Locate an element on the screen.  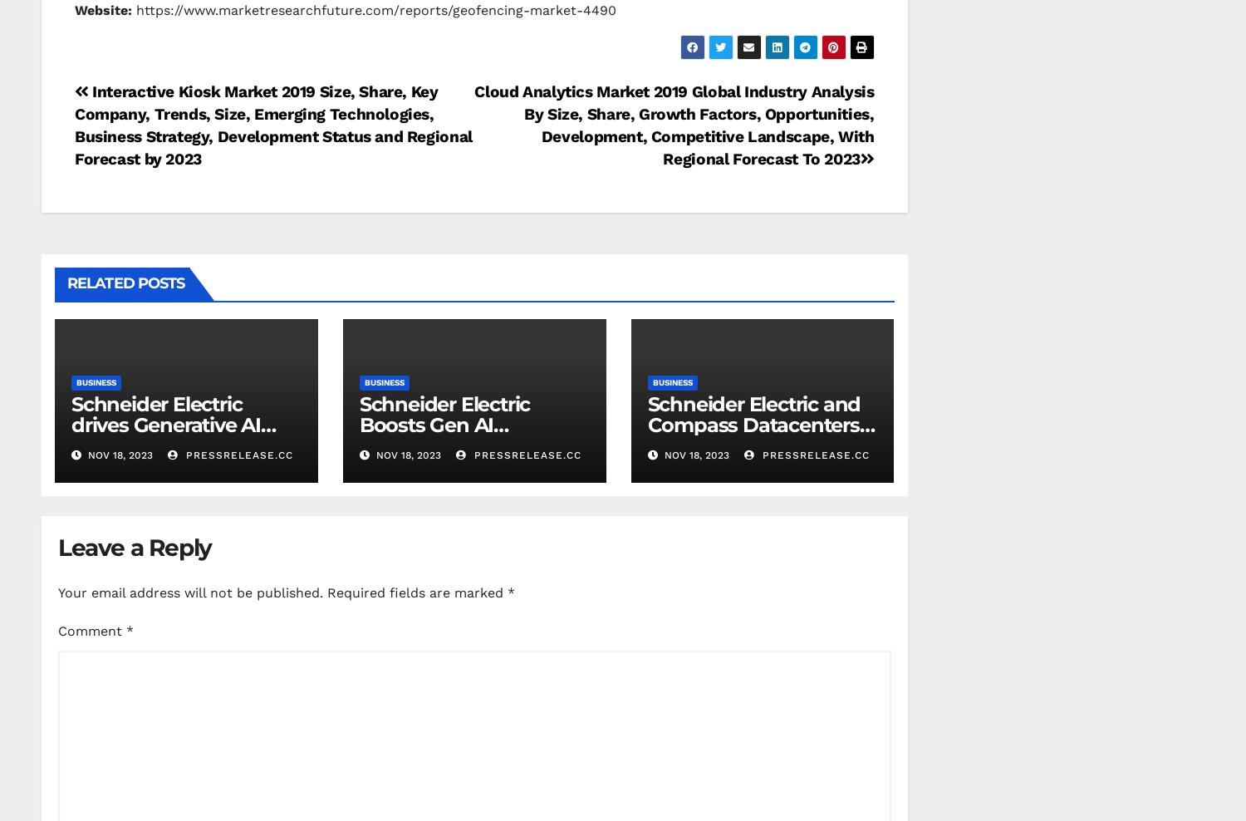
'Required fields are marked' is located at coordinates (327, 592).